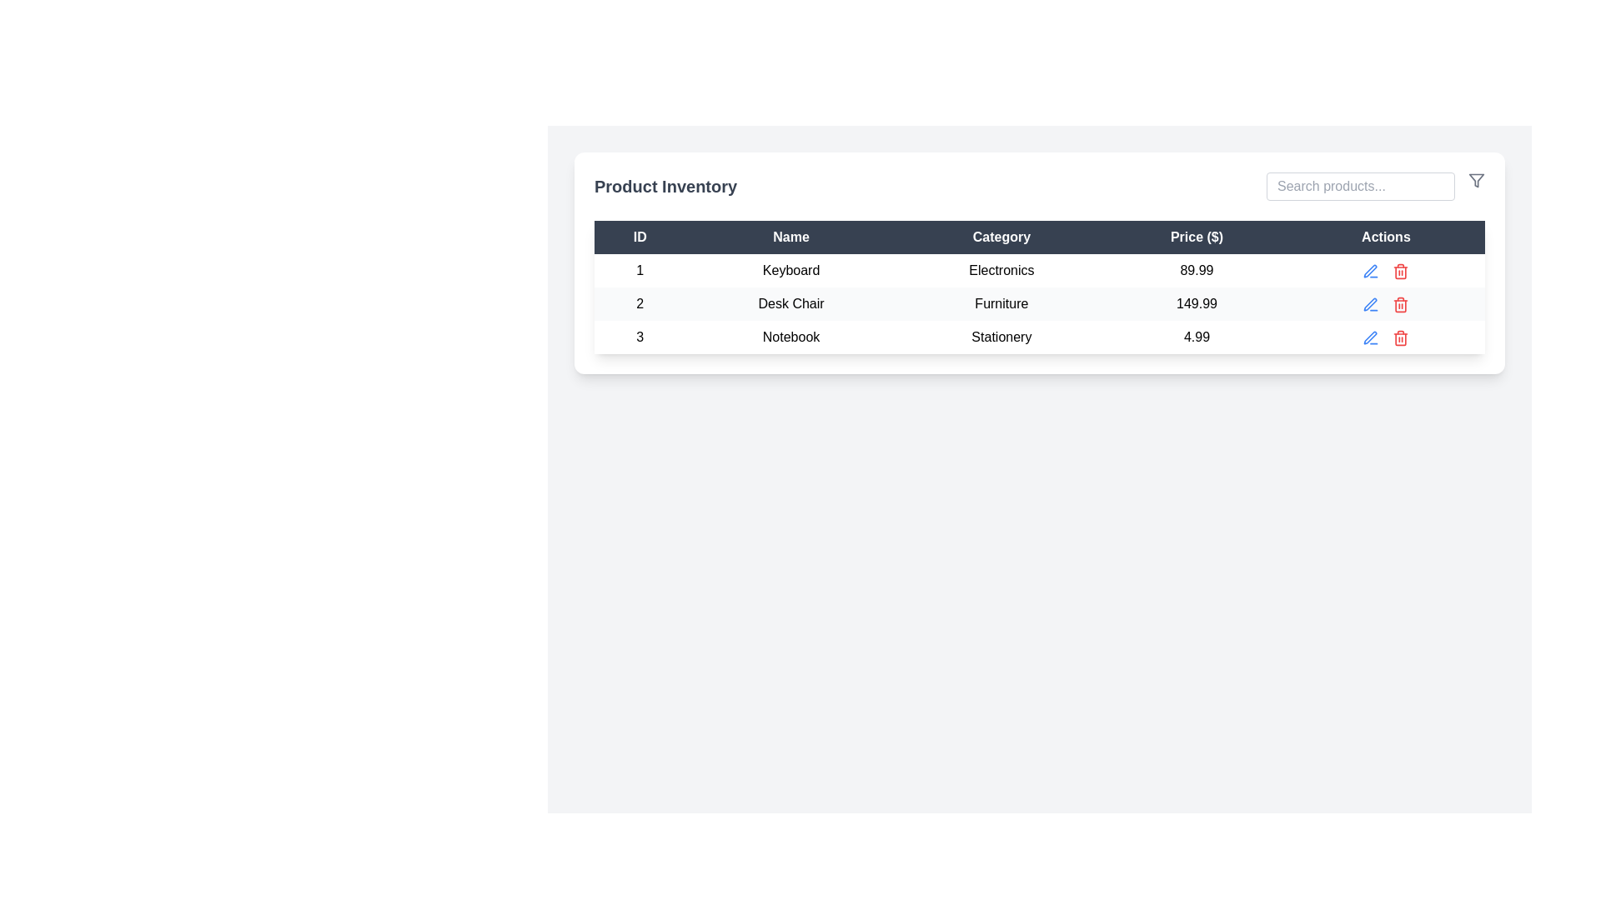  What do you see at coordinates (1361, 186) in the screenshot?
I see `the text input field located in the top-right corner of the Product Inventory interface to focus and type in it` at bounding box center [1361, 186].